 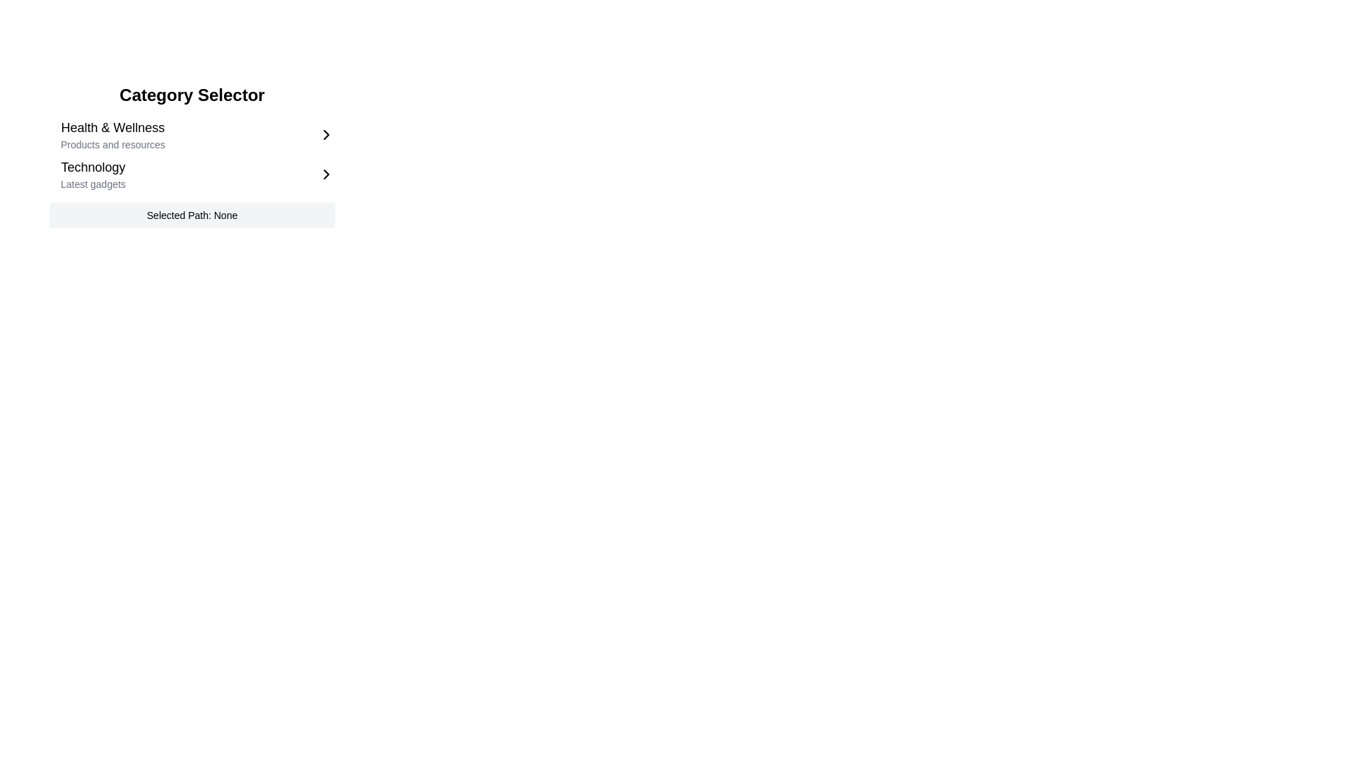 What do you see at coordinates (192, 135) in the screenshot?
I see `the 'Health & Wellness' category selector list item to navigate through keyboard interactions` at bounding box center [192, 135].